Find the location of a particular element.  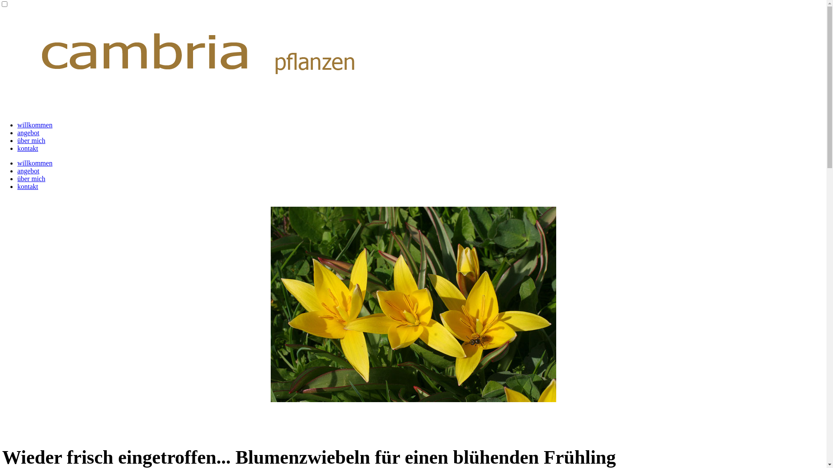

'kontakt' is located at coordinates (27, 148).